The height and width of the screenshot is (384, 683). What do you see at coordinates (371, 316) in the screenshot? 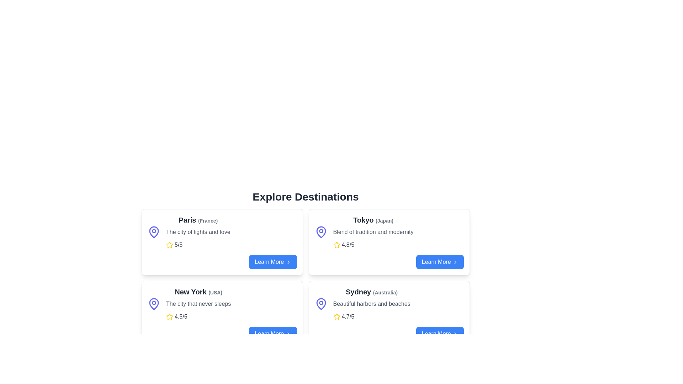
I see `the Rating Display element showing the average rating for 'Sydney (Australia)', located at the bottom right card in the grid, below the line 'Beautiful harbors and beaches'` at bounding box center [371, 316].